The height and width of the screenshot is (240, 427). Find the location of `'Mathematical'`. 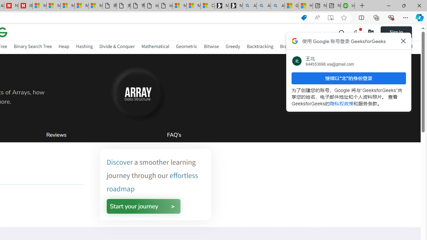

'Mathematical' is located at coordinates (155, 46).